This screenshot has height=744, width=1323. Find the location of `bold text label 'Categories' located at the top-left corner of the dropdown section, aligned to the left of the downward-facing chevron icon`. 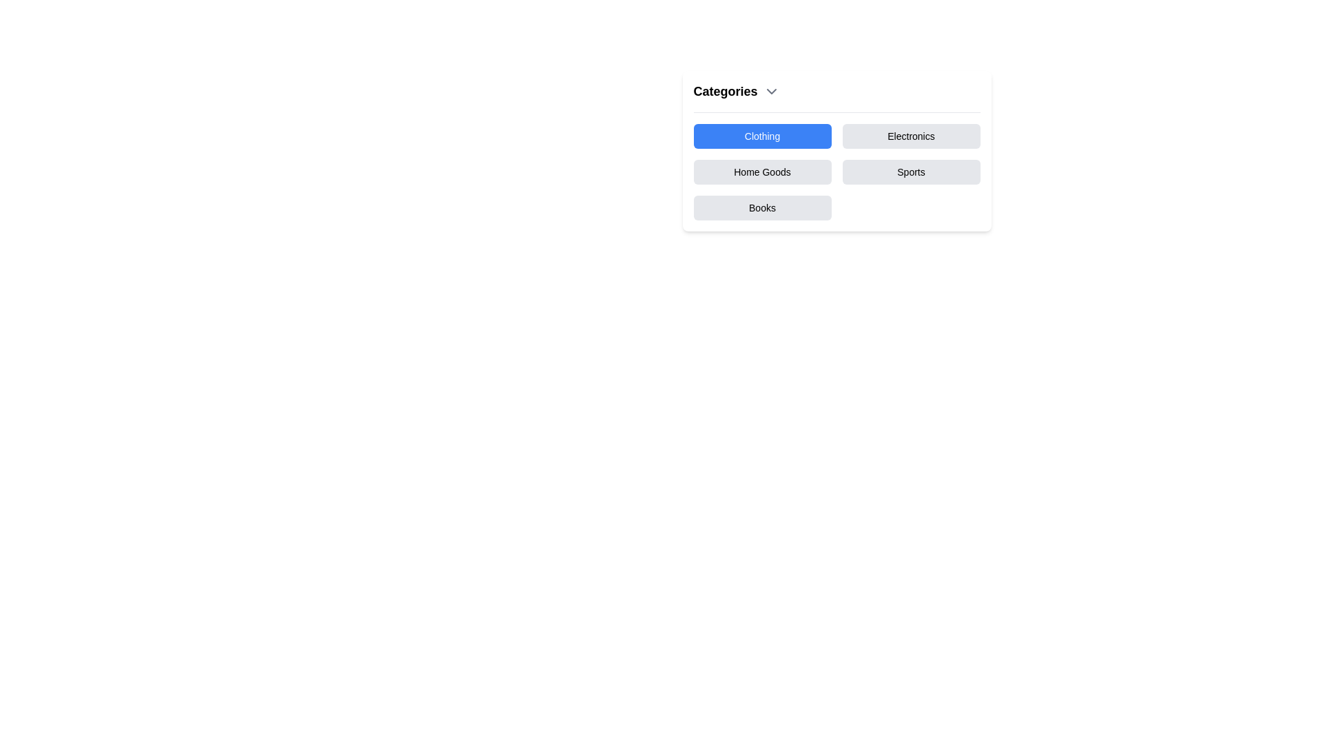

bold text label 'Categories' located at the top-left corner of the dropdown section, aligned to the left of the downward-facing chevron icon is located at coordinates (724, 91).